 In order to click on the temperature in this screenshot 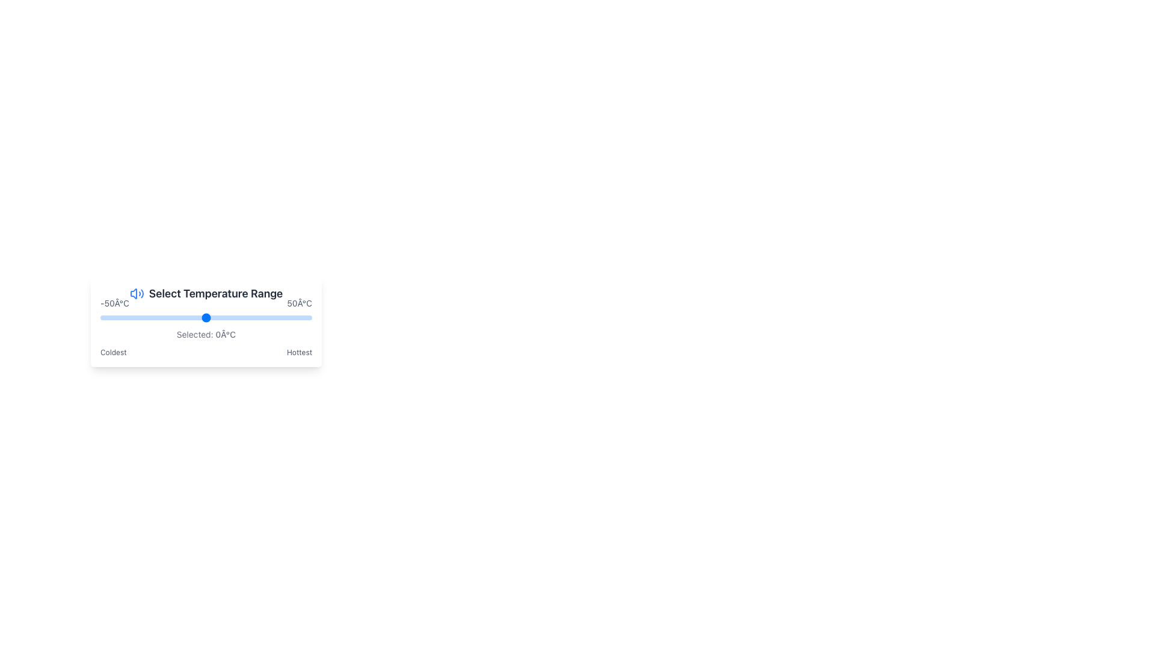, I will do `click(167, 317)`.